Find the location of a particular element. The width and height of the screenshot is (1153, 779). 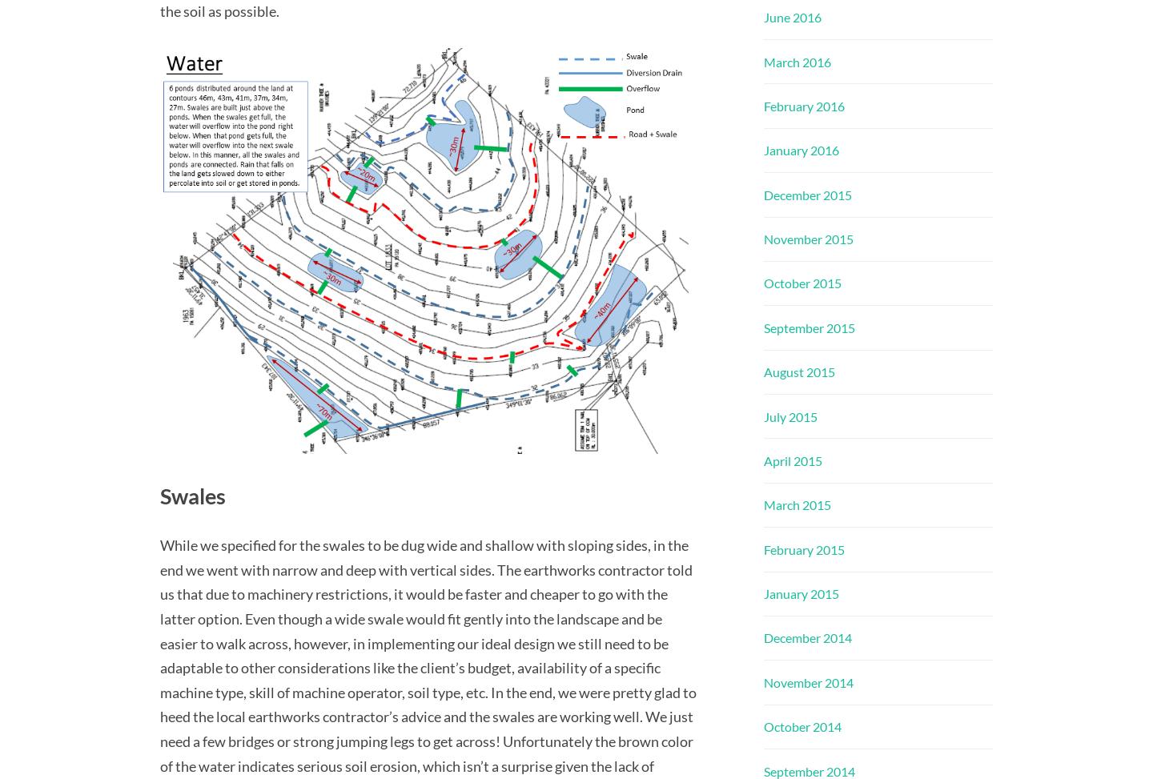

'December 2015' is located at coordinates (807, 193).